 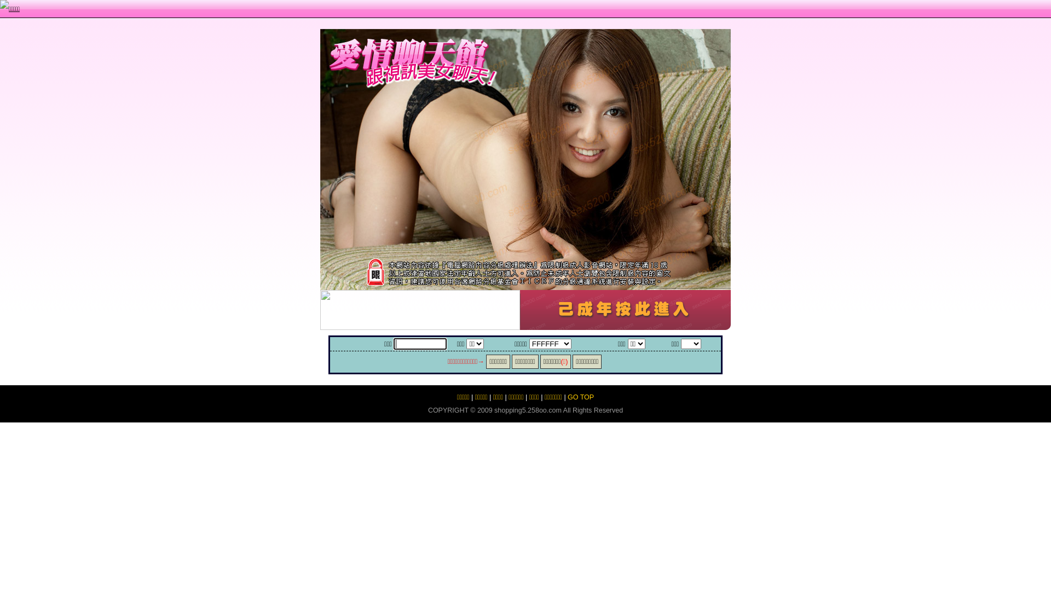 I want to click on 'GO TOP', so click(x=580, y=397).